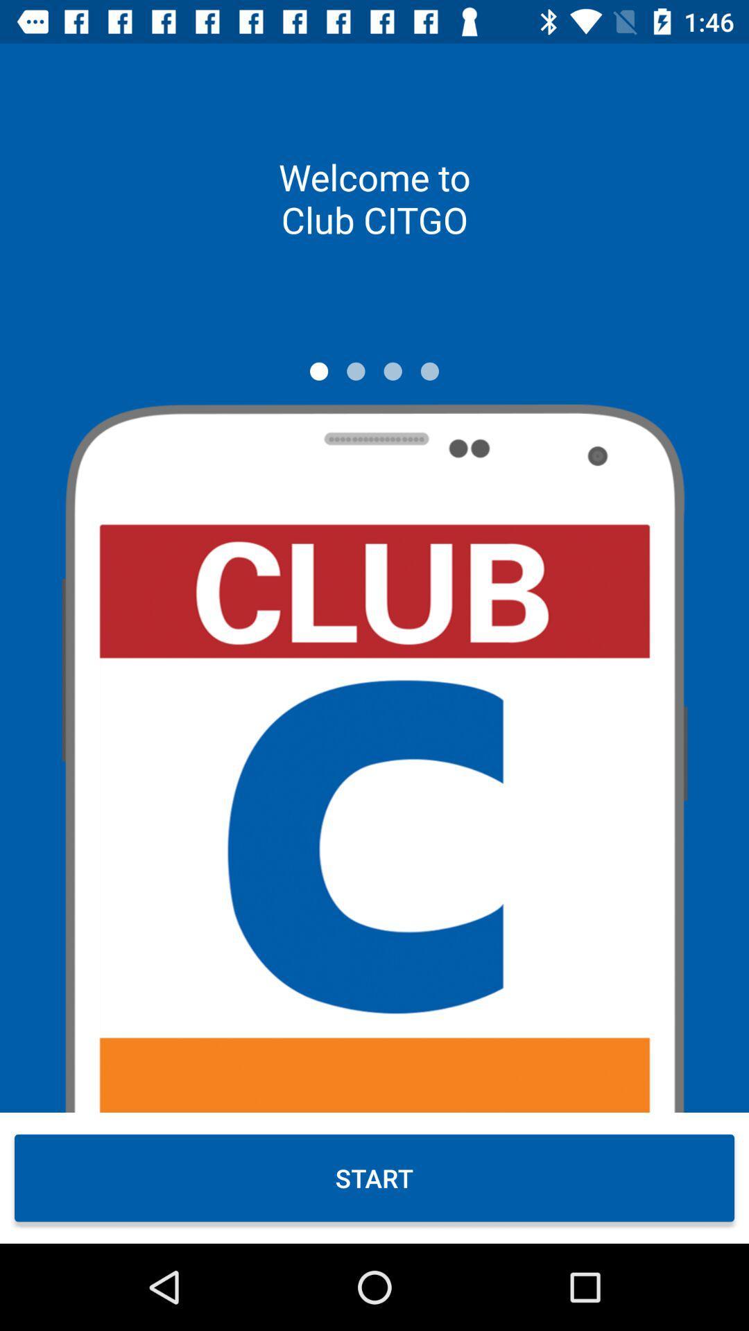 This screenshot has width=749, height=1331. Describe the element at coordinates (355, 371) in the screenshot. I see `next image` at that location.